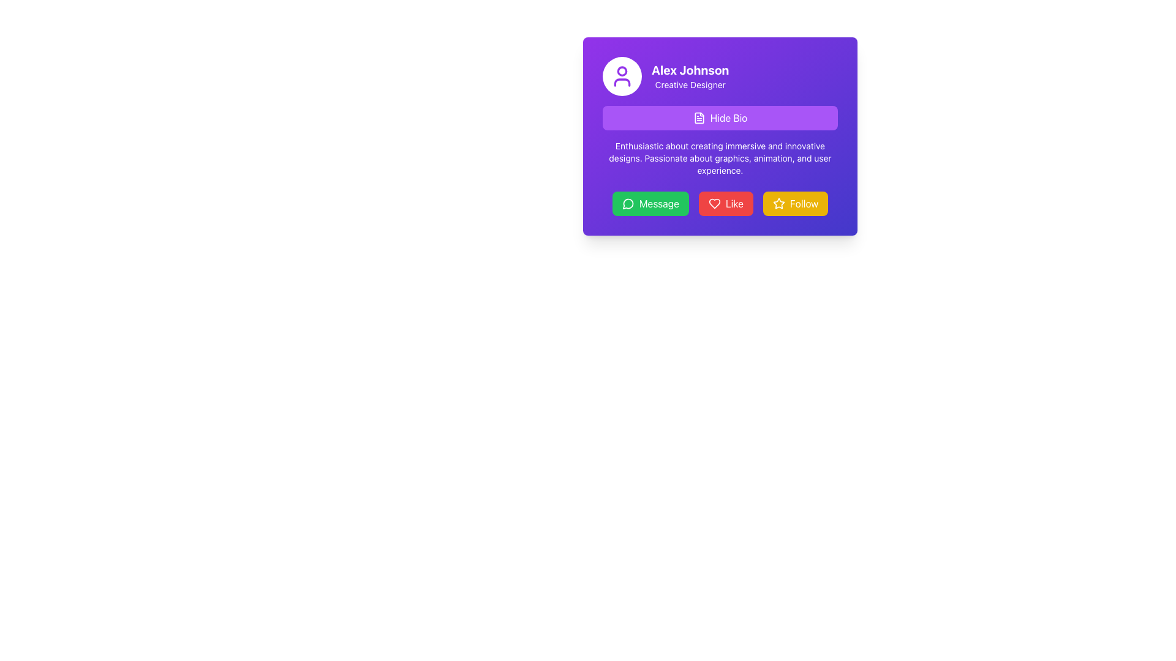 The image size is (1176, 661). Describe the element at coordinates (690, 70) in the screenshot. I see `the text label displaying 'Alex Johnson' for accessibility purposes` at that location.